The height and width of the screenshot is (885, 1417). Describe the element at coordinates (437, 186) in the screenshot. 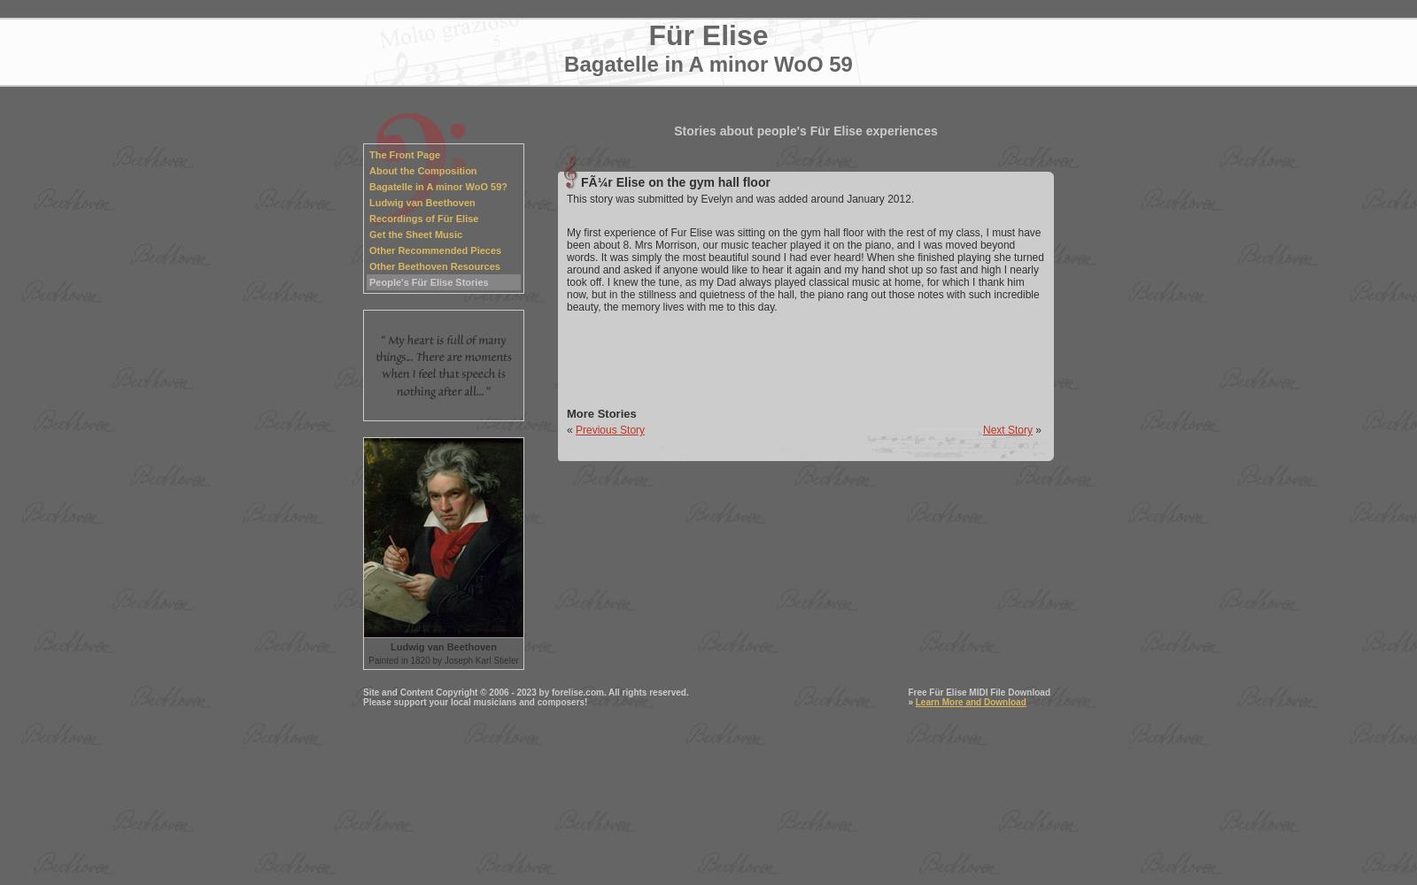

I see `'Bagatelle in A minor WoO 59?'` at that location.